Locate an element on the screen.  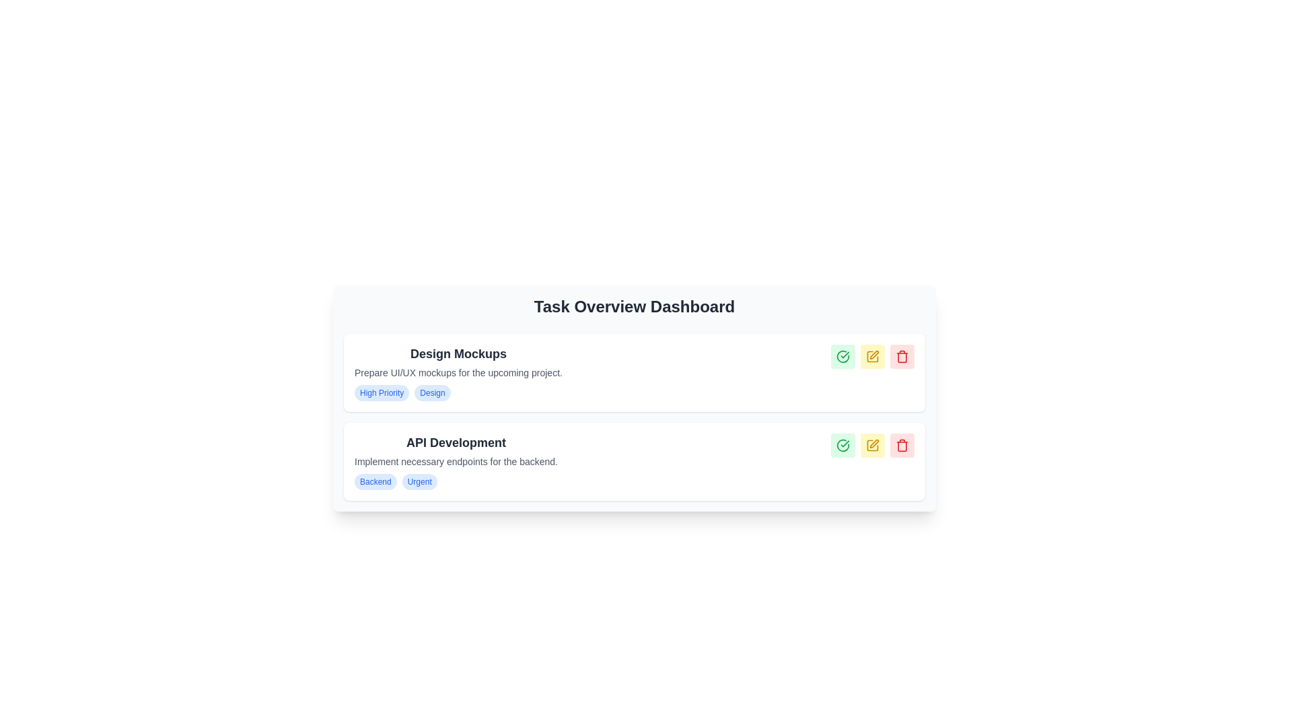
the second badge on the right under the 'API Development' header, which indicates a priority or status is located at coordinates (419, 481).